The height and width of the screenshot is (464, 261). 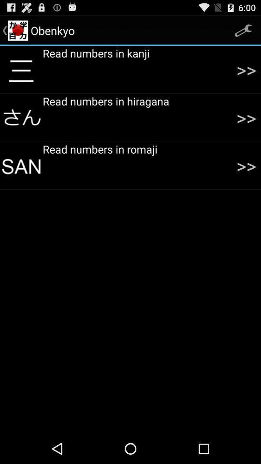 What do you see at coordinates (243, 30) in the screenshot?
I see `the settings icon which is on the top right corner of the screen` at bounding box center [243, 30].